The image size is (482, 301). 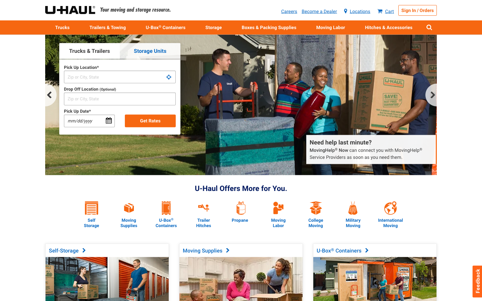 I want to click on Search for the box prices, so click(x=129, y=202).